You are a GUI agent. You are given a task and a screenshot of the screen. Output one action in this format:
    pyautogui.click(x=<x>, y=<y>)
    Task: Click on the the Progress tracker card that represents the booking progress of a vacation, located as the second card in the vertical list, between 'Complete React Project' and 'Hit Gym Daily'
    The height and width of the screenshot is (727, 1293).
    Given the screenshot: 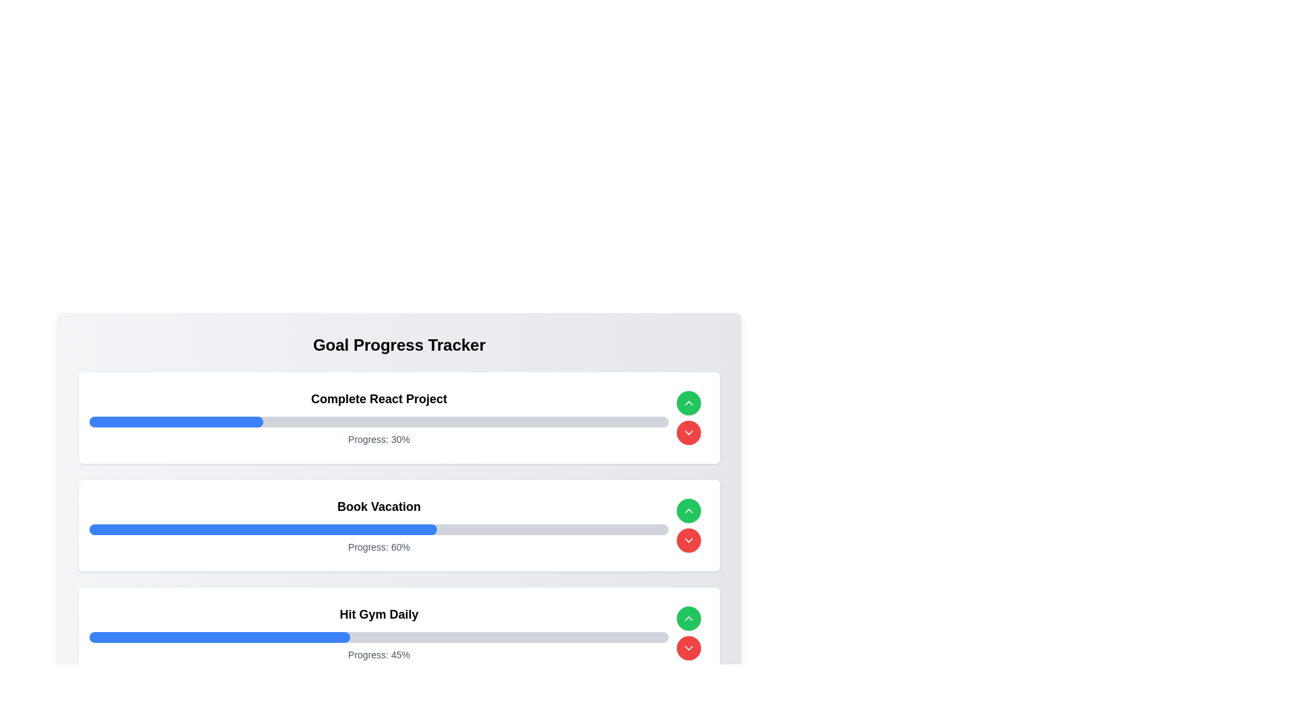 What is the action you would take?
    pyautogui.click(x=378, y=524)
    